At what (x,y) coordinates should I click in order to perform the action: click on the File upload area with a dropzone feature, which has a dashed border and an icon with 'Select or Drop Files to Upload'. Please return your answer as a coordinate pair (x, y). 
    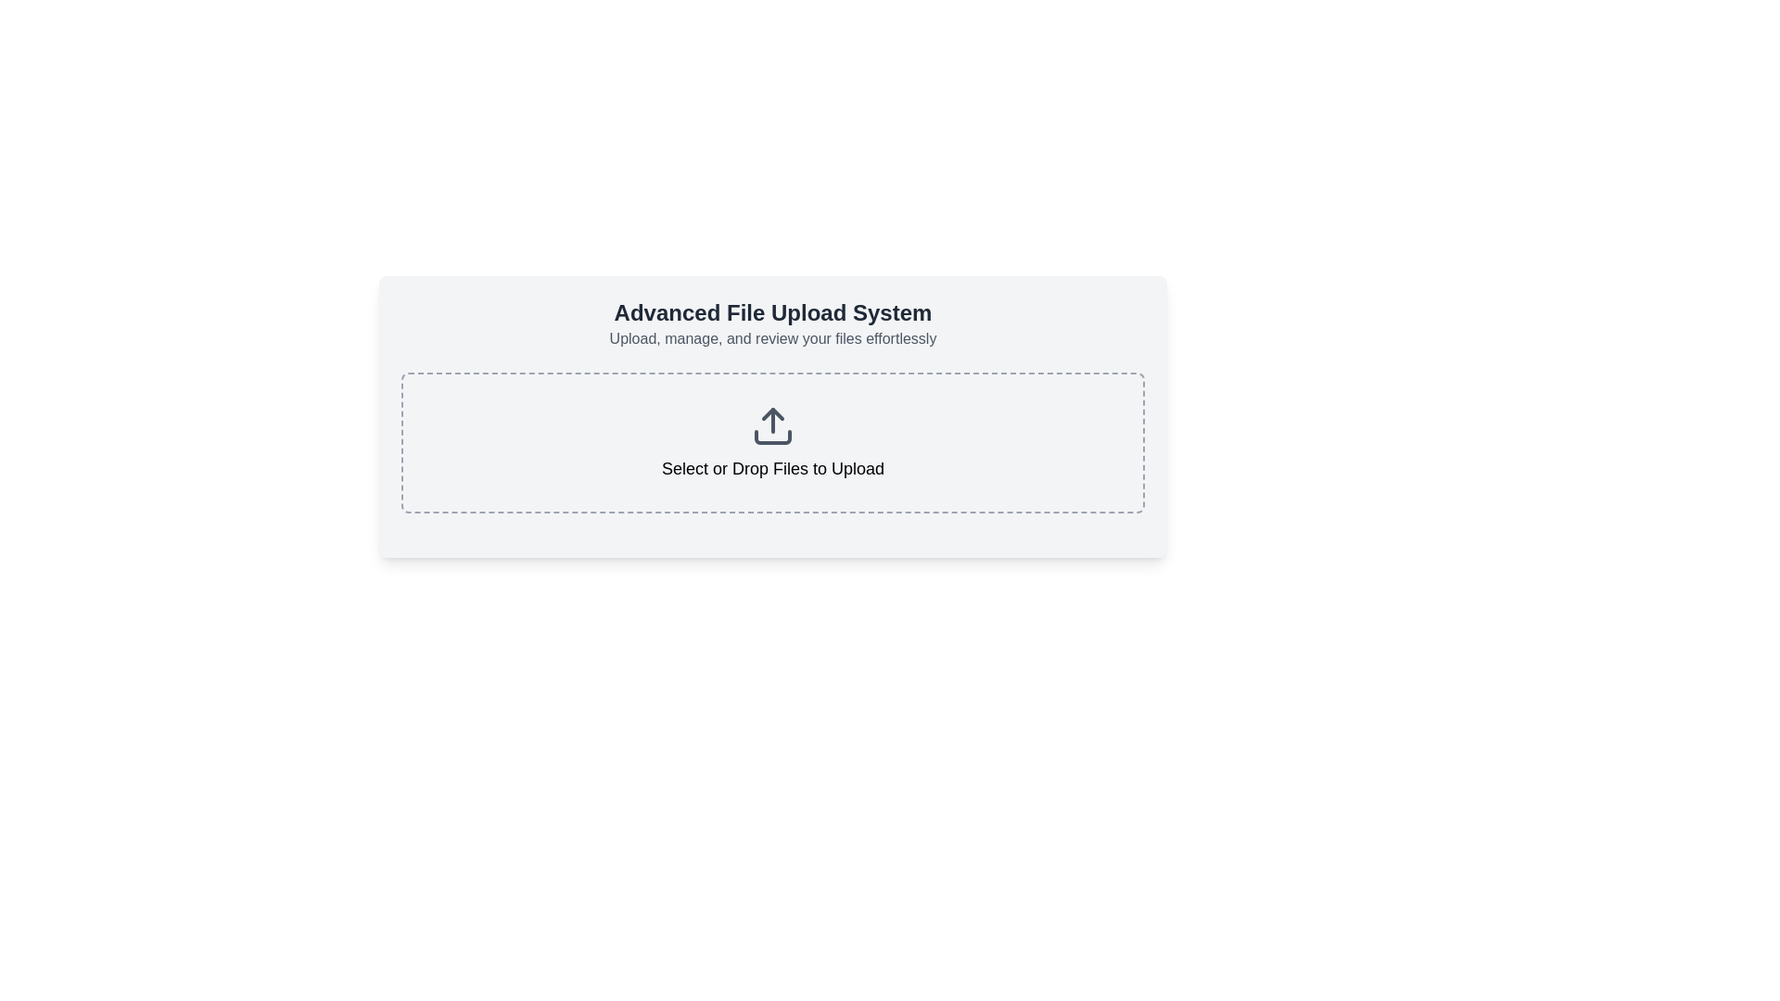
    Looking at the image, I should click on (773, 443).